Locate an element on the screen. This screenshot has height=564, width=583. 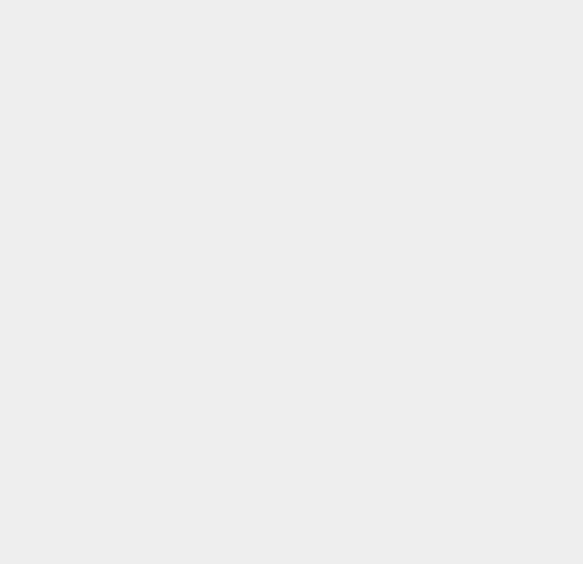
'Oppo' is located at coordinates (421, 53).